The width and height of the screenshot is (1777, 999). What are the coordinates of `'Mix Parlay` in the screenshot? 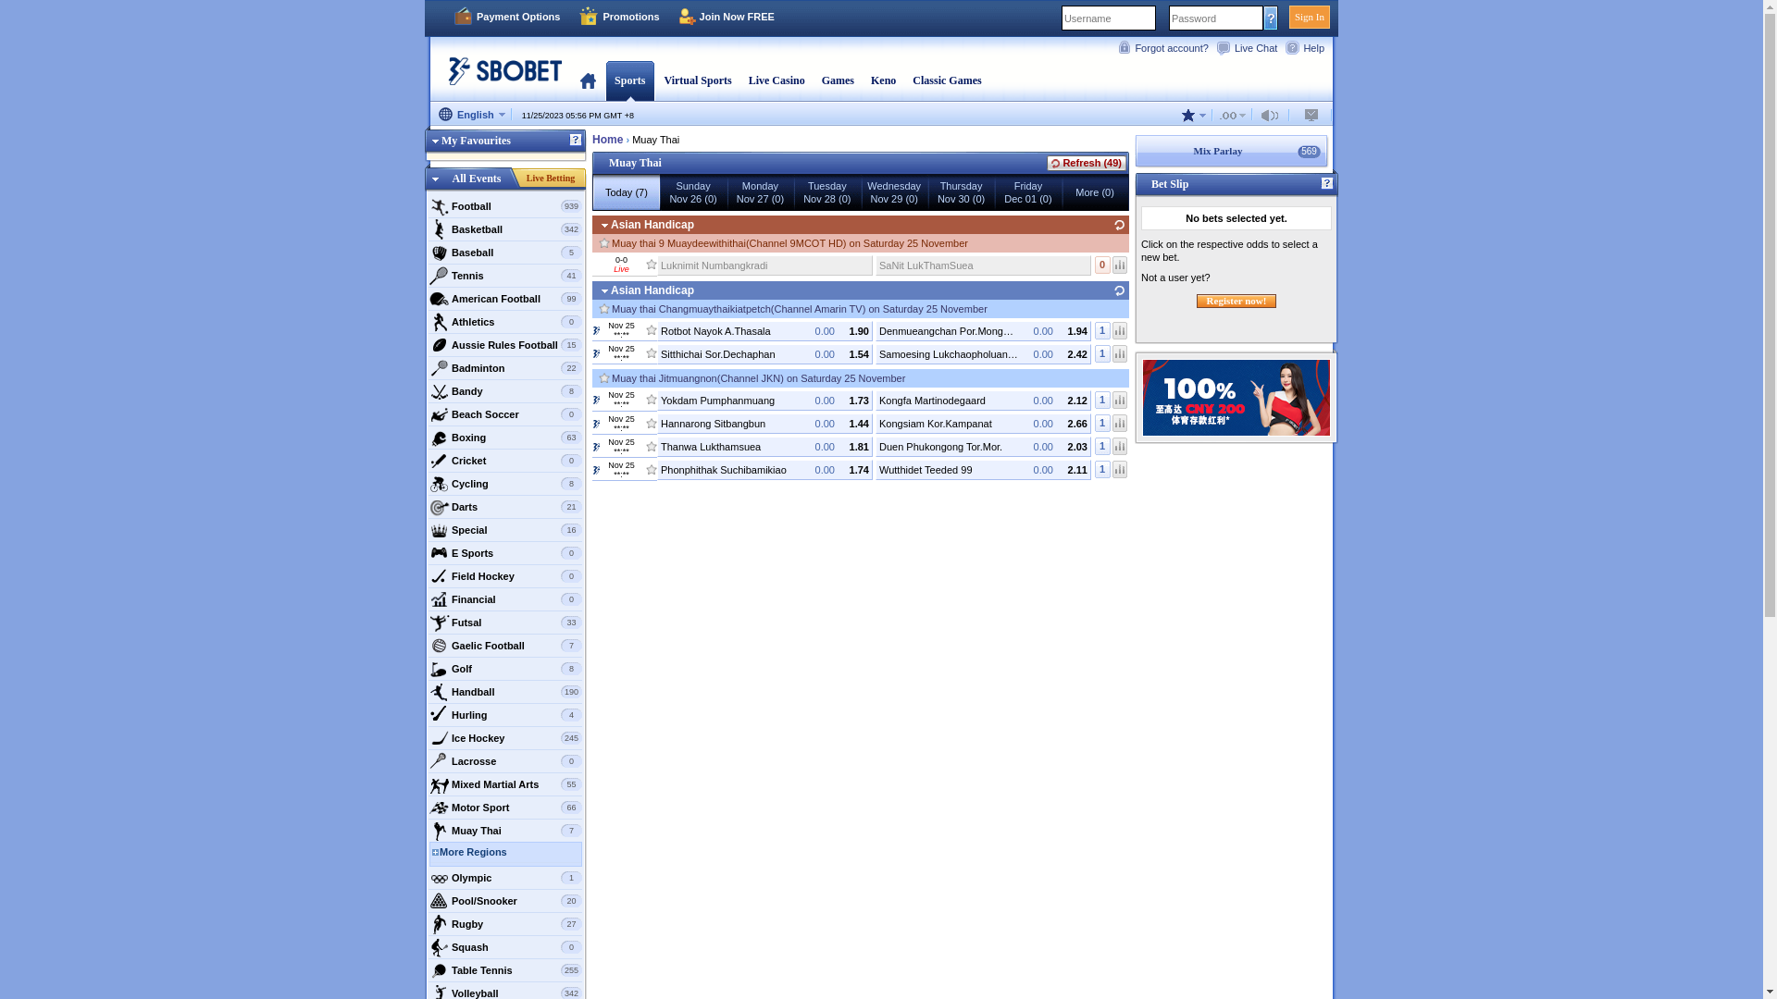 It's located at (1133, 150).